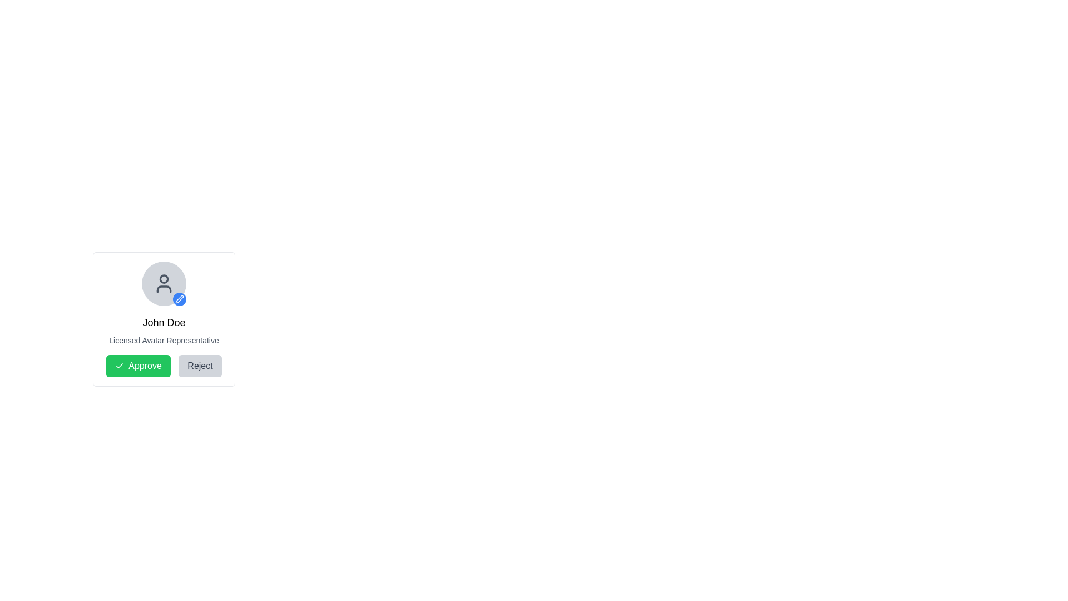 This screenshot has height=601, width=1068. What do you see at coordinates (163, 278) in the screenshot?
I see `the SVG Circle Graphic that decorates the user icon at the top of the profile card` at bounding box center [163, 278].